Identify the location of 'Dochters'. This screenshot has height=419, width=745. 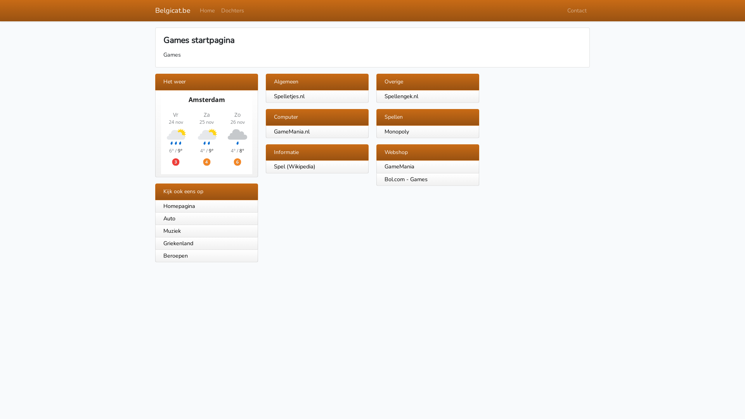
(232, 10).